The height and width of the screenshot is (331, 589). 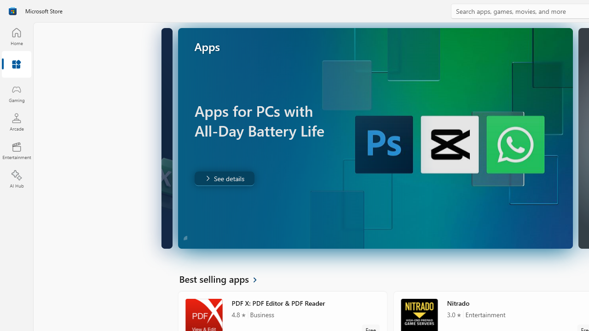 What do you see at coordinates (16, 150) in the screenshot?
I see `'Entertainment'` at bounding box center [16, 150].